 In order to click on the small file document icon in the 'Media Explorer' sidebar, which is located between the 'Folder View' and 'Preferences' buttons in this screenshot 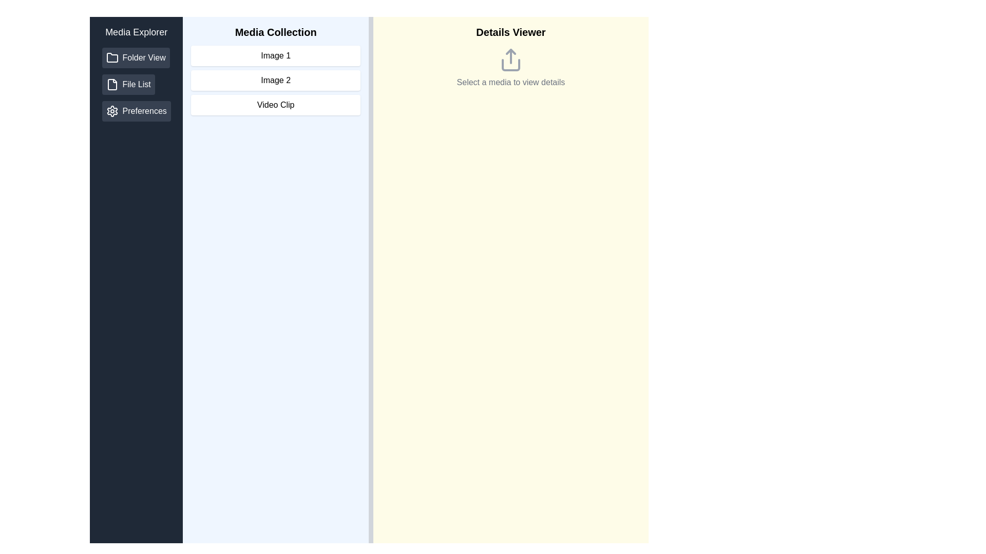, I will do `click(112, 84)`.